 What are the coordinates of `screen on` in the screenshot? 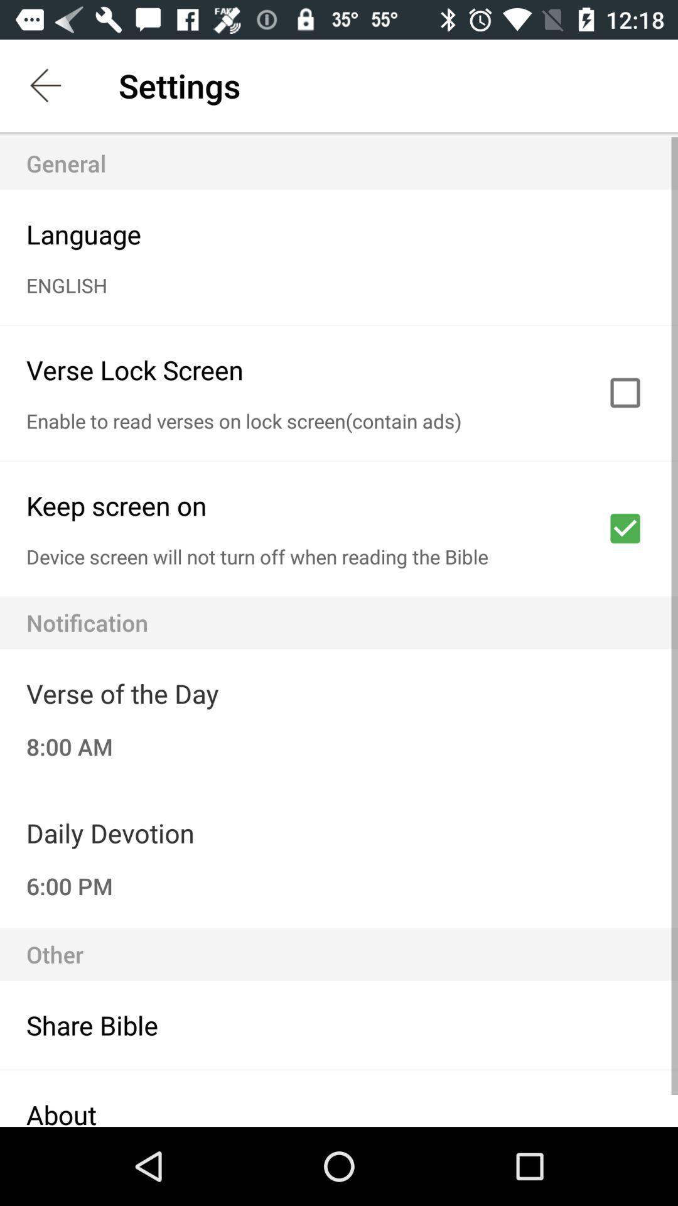 It's located at (625, 528).